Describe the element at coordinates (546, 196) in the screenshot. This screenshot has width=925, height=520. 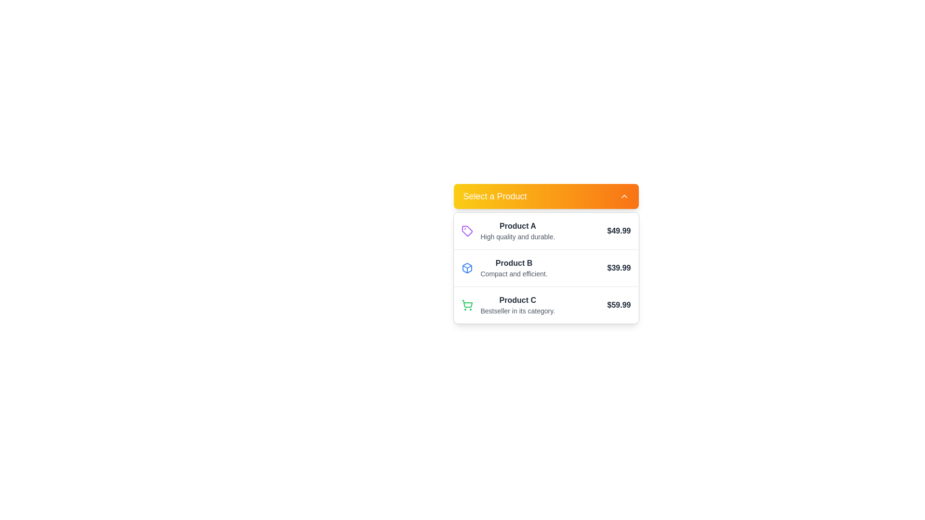
I see `the dropdown button labeled 'Select a Product' with a gradient background` at that location.